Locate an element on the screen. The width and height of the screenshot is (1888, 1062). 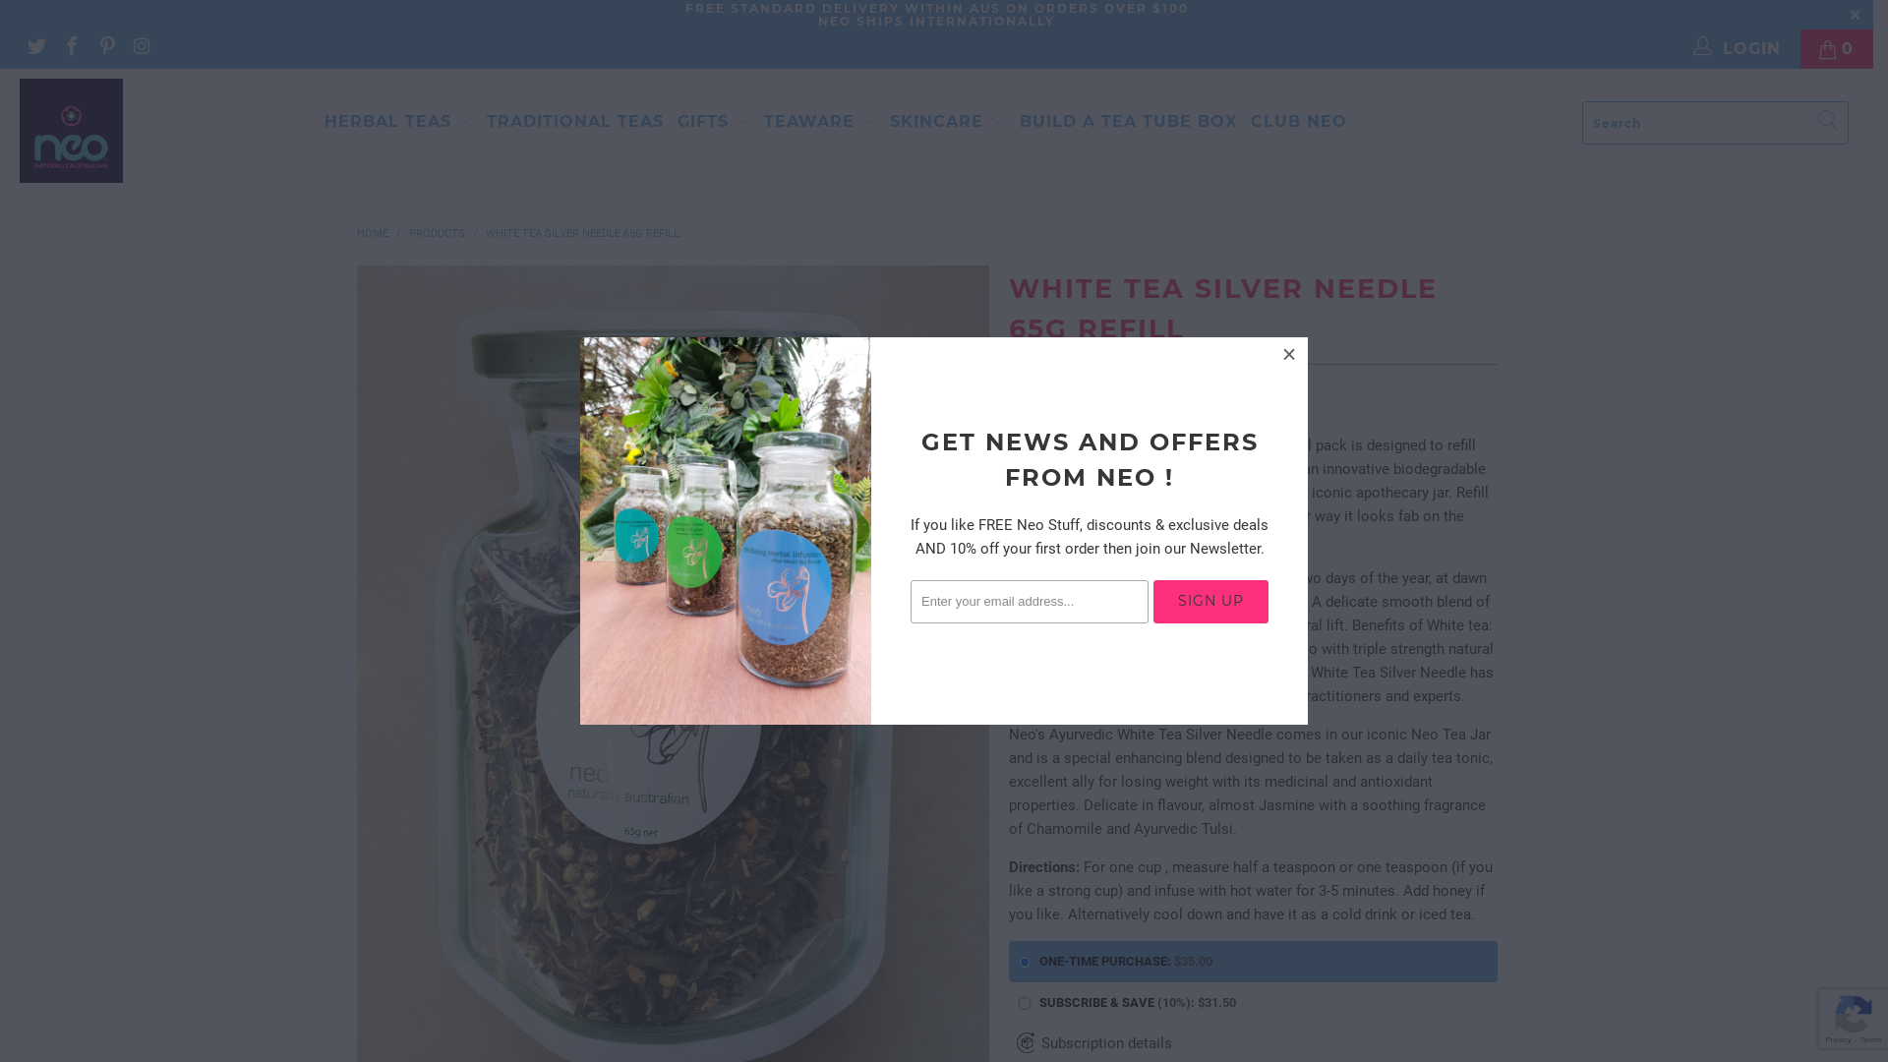
'BUILD A TEA TUBE BOX' is located at coordinates (1128, 122).